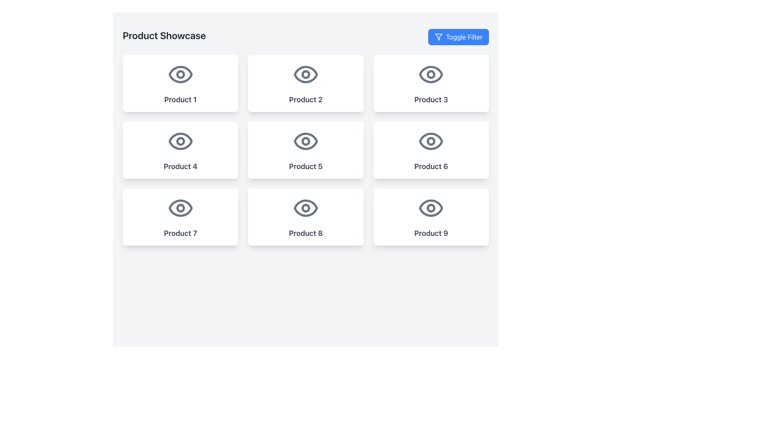 This screenshot has height=440, width=783. What do you see at coordinates (431, 99) in the screenshot?
I see `the text label 'Product 3' displayed in bold gray font, located under the eye icon within the product card` at bounding box center [431, 99].